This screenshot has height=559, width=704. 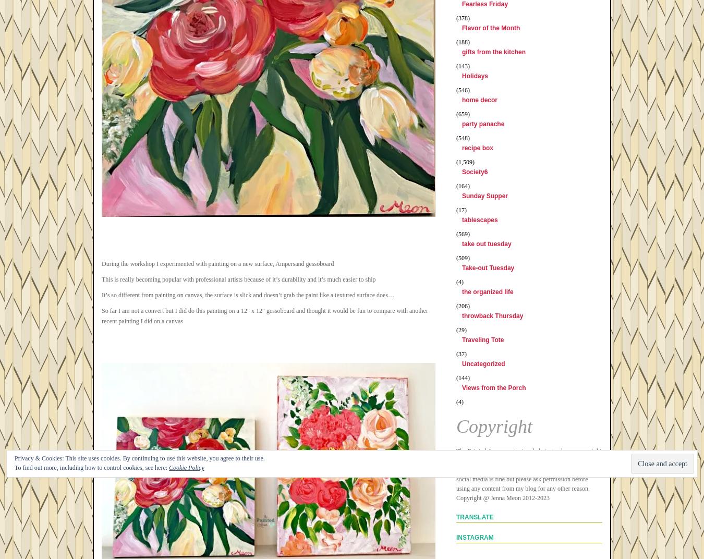 What do you see at coordinates (463, 114) in the screenshot?
I see `'(659)'` at bounding box center [463, 114].